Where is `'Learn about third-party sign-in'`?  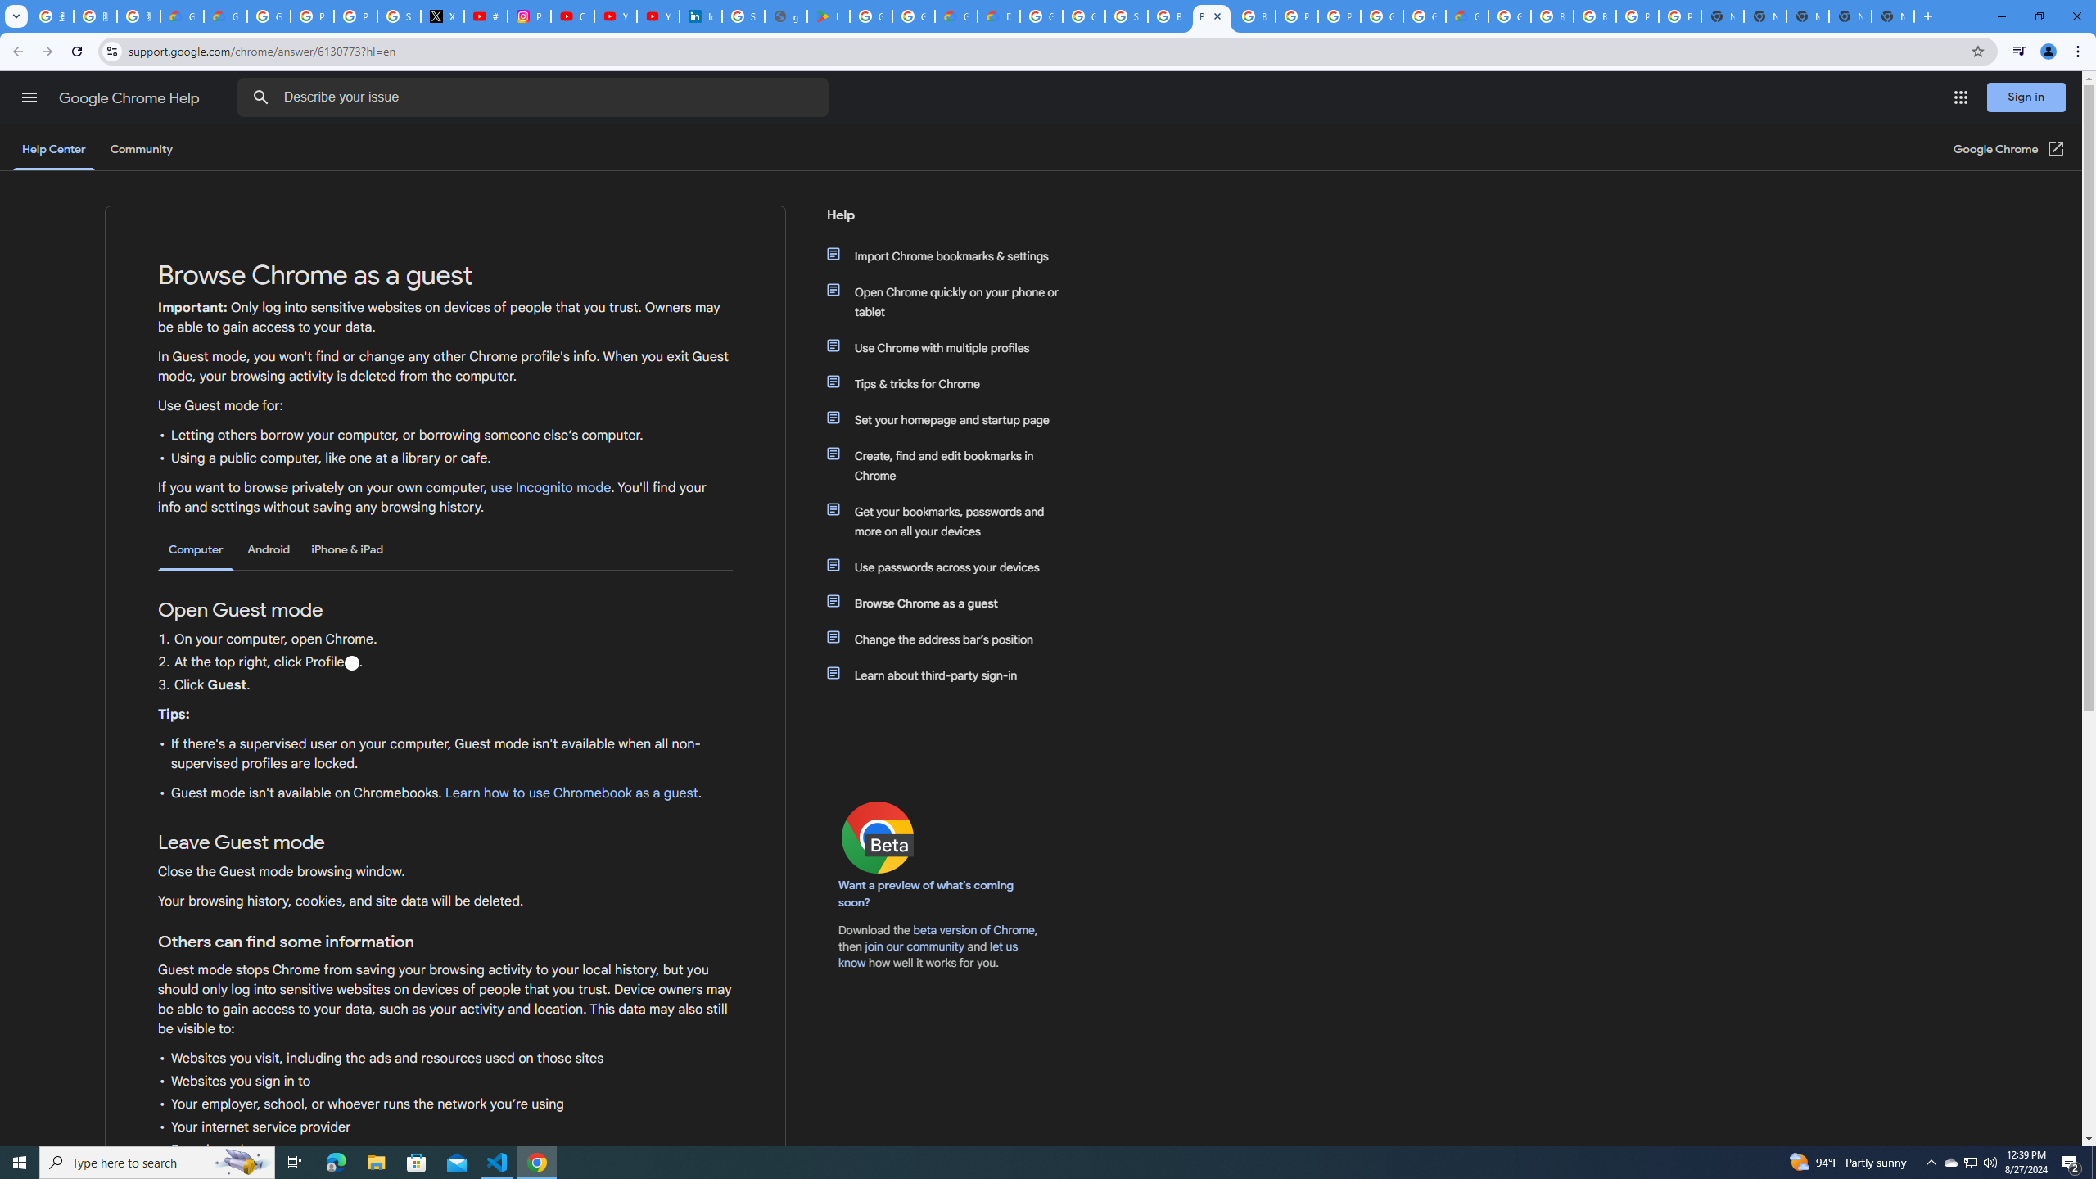
'Learn about third-party sign-in' is located at coordinates (951, 675).